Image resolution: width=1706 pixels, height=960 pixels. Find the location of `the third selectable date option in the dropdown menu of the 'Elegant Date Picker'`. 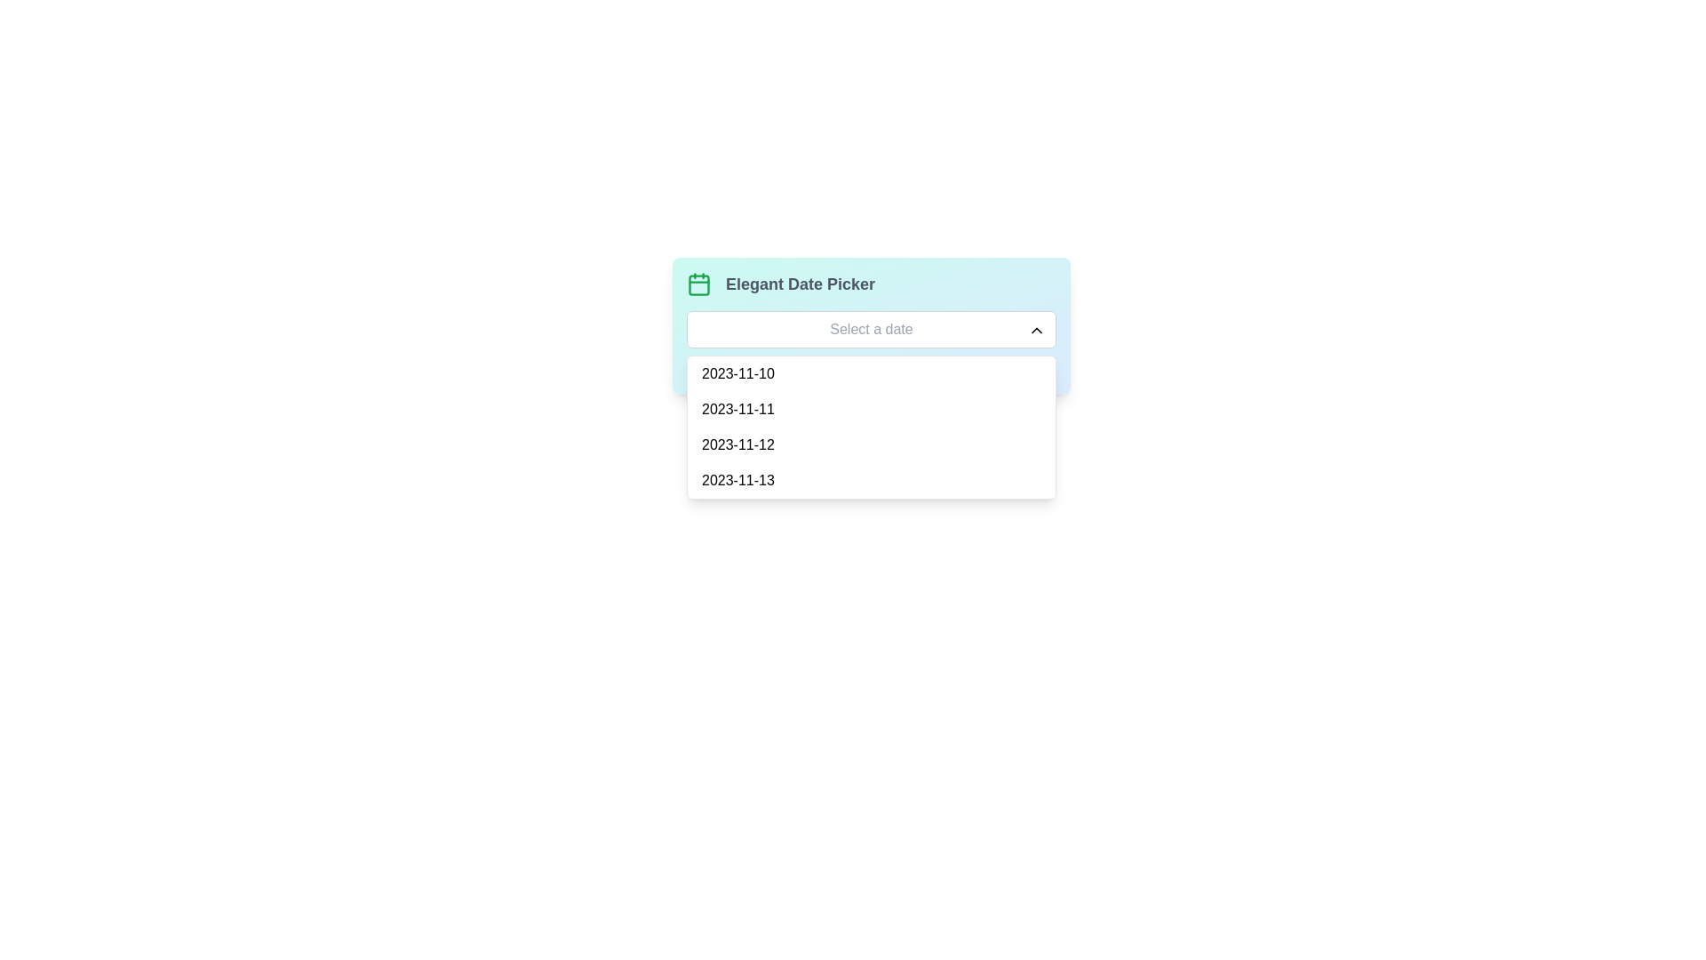

the third selectable date option in the dropdown menu of the 'Elegant Date Picker' is located at coordinates (871, 444).